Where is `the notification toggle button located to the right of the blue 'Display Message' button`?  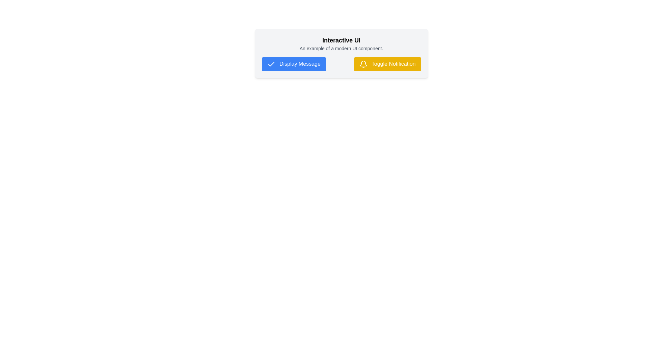 the notification toggle button located to the right of the blue 'Display Message' button is located at coordinates (387, 64).